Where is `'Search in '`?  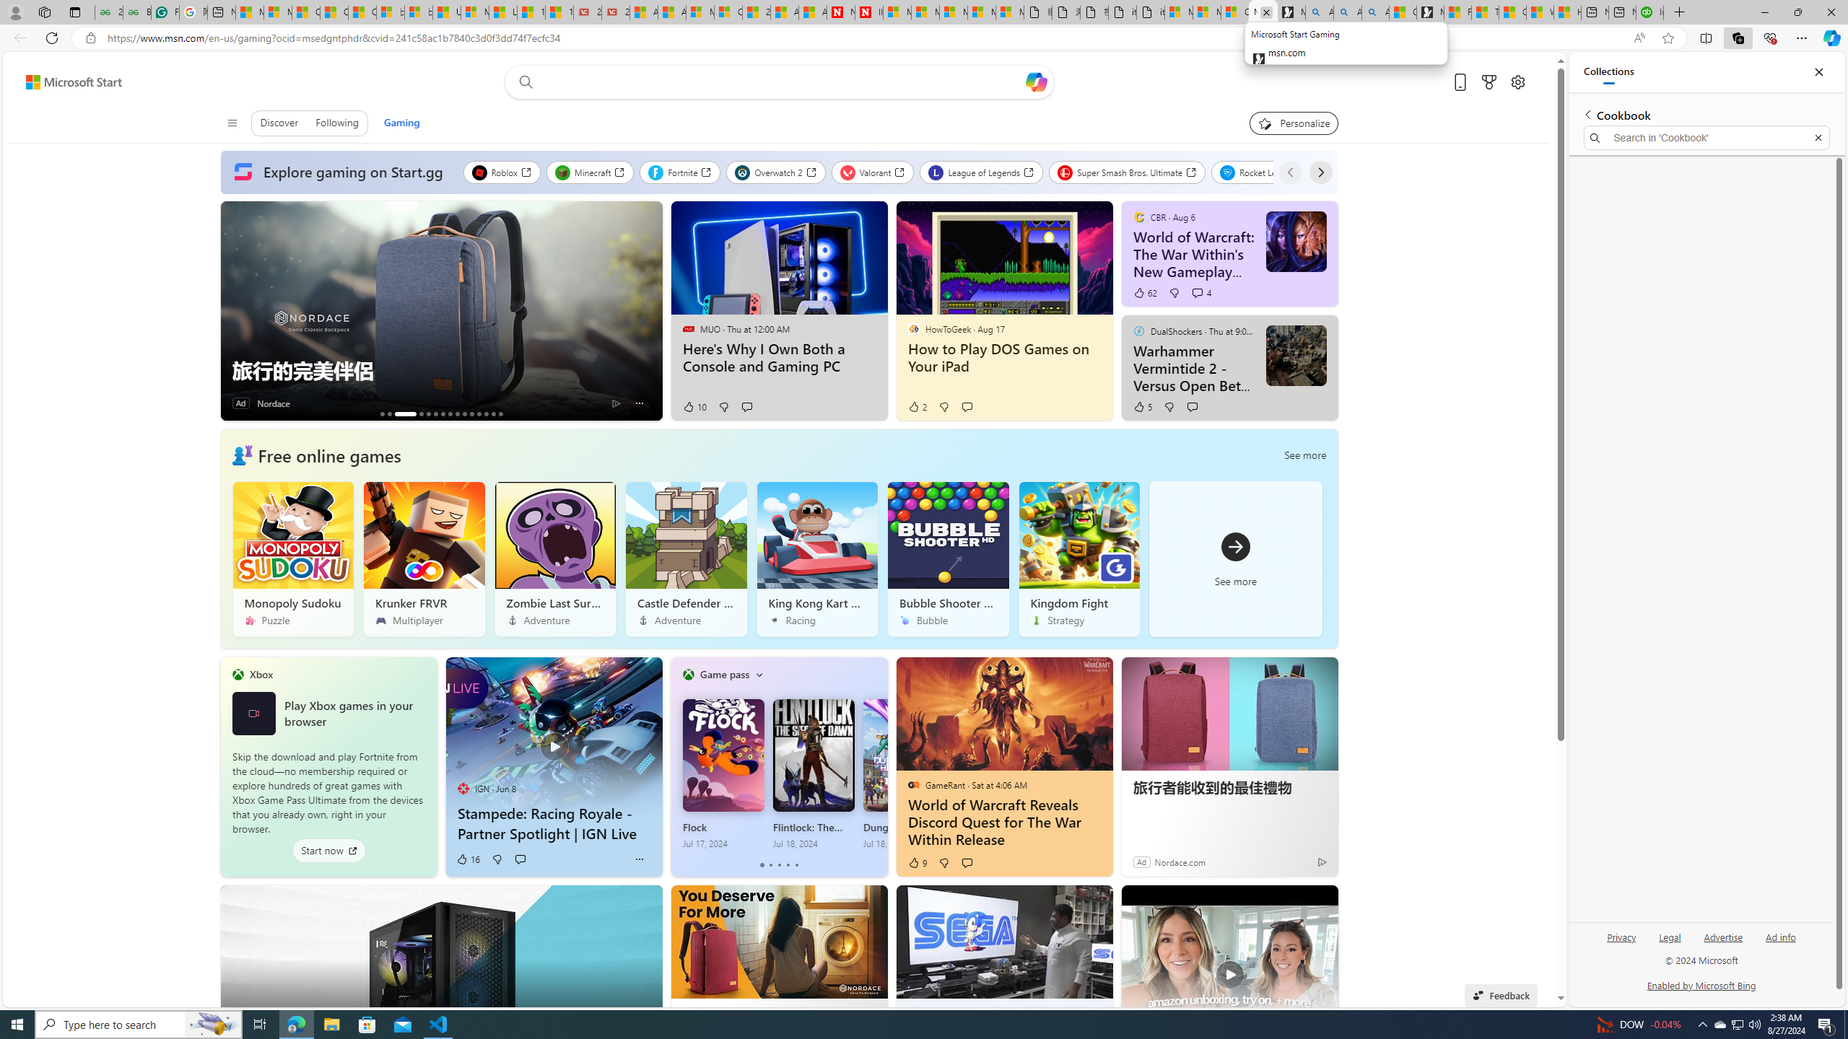 'Search in ' is located at coordinates (1707, 138).